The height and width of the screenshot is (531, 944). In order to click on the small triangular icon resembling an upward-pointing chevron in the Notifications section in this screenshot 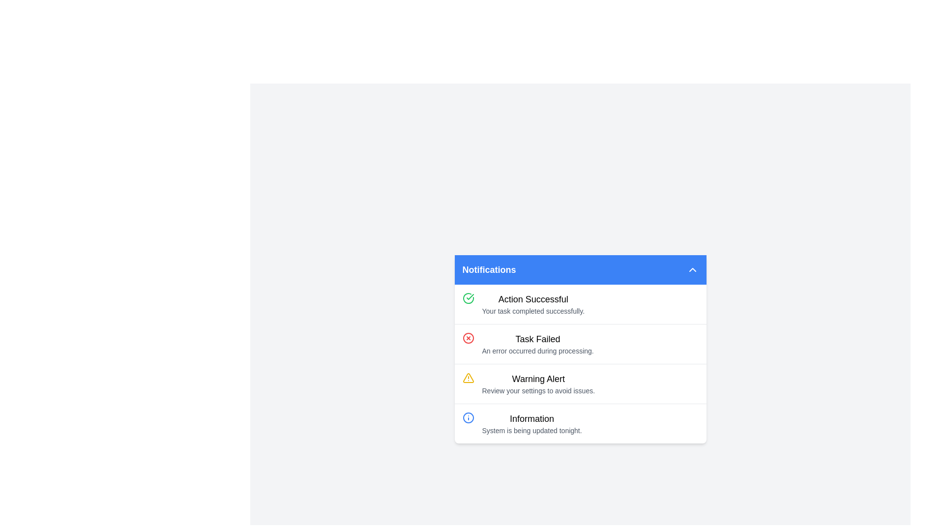, I will do `click(692, 269)`.